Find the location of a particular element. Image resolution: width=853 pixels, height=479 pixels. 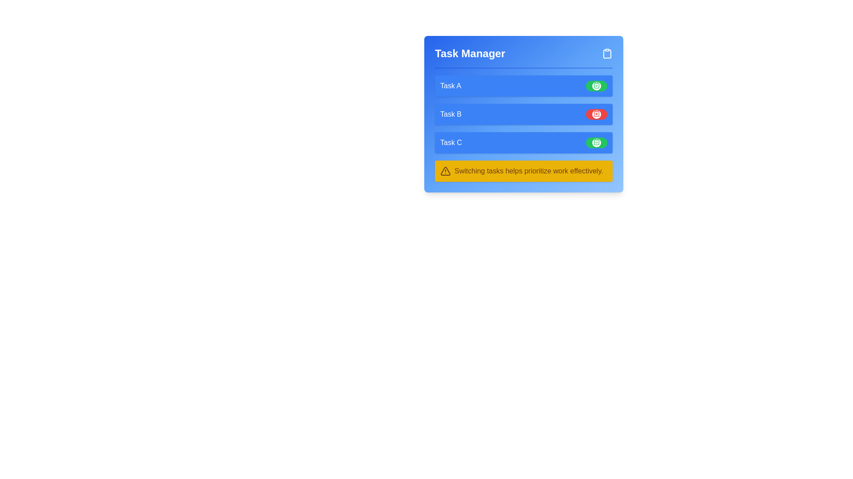

the clipboard icon located in the top-right corner of the 'Task Manager' header is located at coordinates (607, 53).